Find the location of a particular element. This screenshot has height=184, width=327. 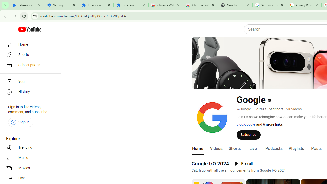

'Movies' is located at coordinates (29, 168).